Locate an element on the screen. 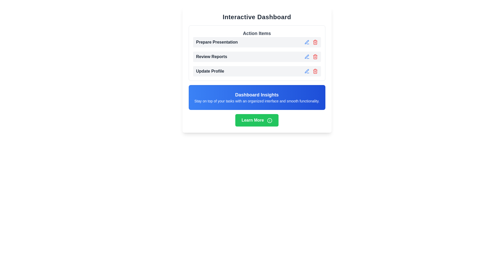  the red trash bin icon in the button group is located at coordinates (311, 42).